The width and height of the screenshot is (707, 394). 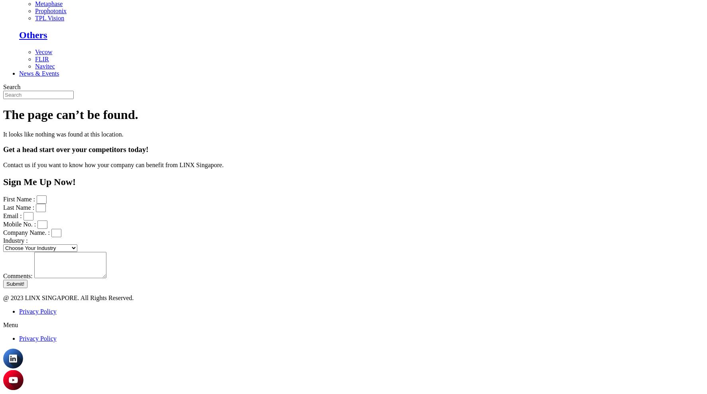 I want to click on 'Metaphase', so click(x=34, y=3).